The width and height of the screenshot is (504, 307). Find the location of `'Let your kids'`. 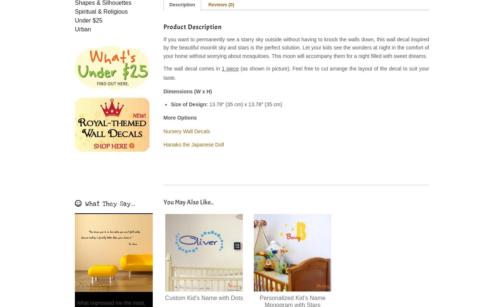

'Let your kids' is located at coordinates (317, 47).